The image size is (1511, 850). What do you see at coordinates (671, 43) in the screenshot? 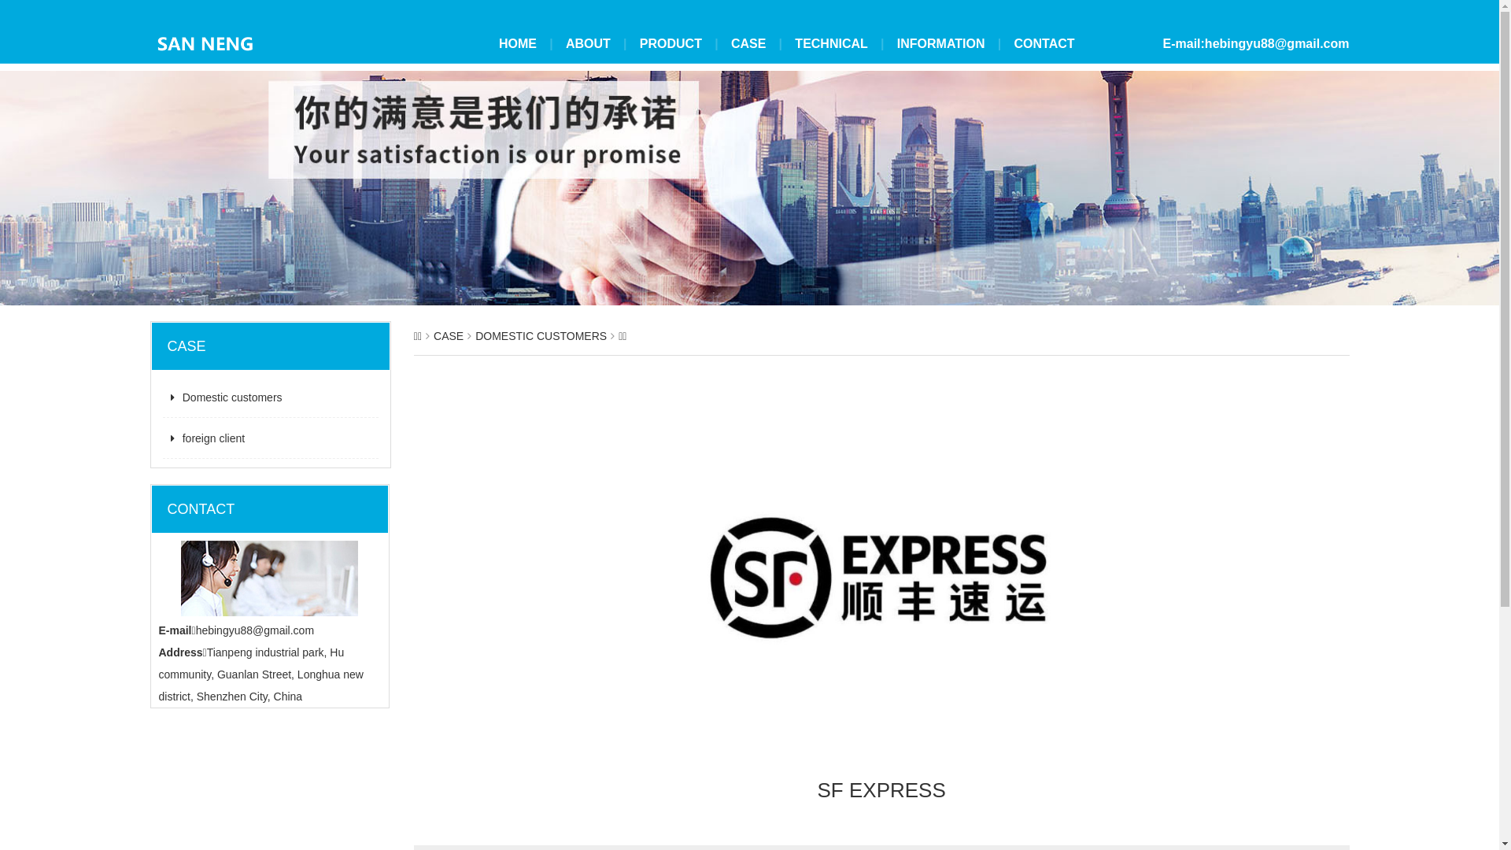
I see `'PRODUCT'` at bounding box center [671, 43].